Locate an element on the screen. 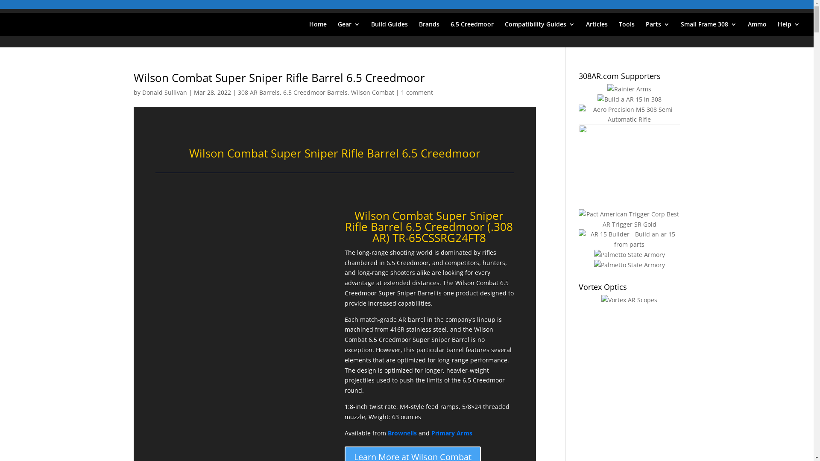 This screenshot has height=461, width=820. 'Help' is located at coordinates (788, 28).